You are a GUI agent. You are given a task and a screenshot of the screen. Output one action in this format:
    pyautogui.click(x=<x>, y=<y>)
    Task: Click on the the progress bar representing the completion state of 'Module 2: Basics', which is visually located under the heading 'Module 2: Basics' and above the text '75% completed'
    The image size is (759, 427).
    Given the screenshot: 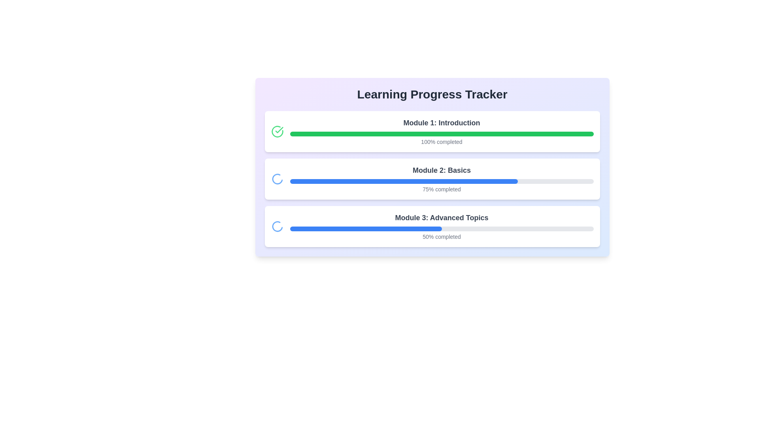 What is the action you would take?
    pyautogui.click(x=441, y=181)
    